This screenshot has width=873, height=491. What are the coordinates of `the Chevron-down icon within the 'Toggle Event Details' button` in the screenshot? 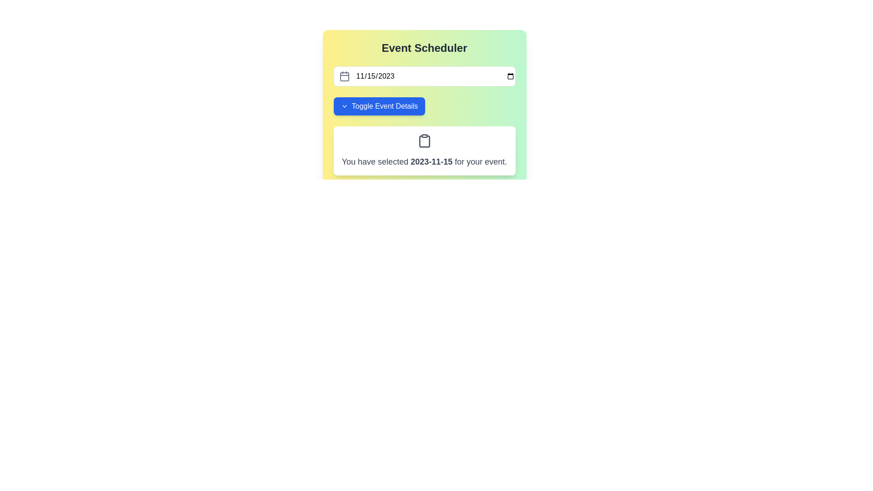 It's located at (344, 106).